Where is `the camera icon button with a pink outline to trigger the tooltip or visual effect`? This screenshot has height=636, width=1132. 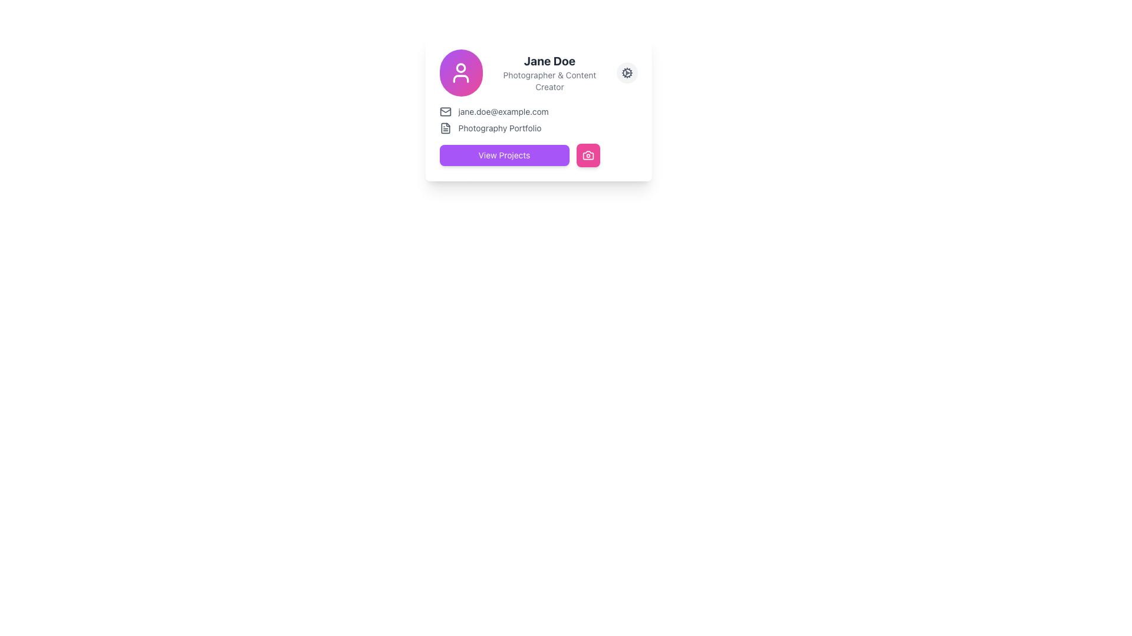 the camera icon button with a pink outline to trigger the tooltip or visual effect is located at coordinates (588, 154).